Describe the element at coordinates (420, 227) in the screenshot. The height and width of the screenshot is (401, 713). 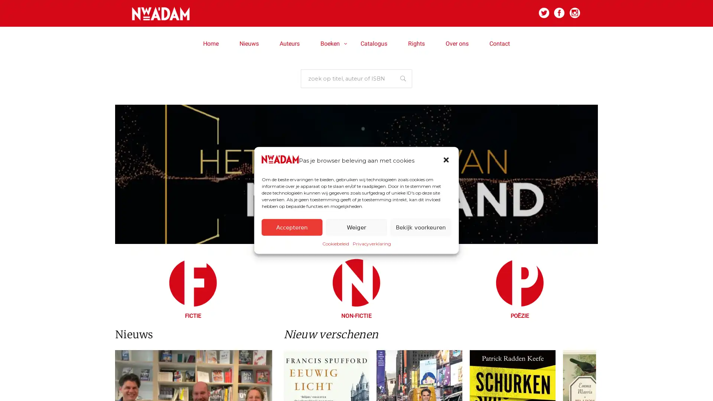
I see `Bekijk voorkeuren` at that location.